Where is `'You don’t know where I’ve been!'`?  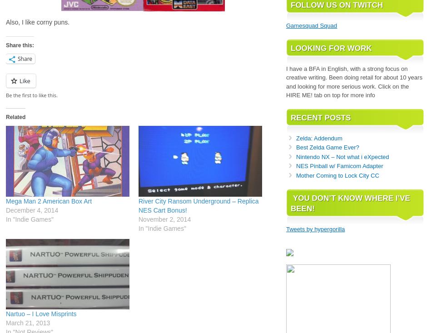 'You don’t know where I’ve been!' is located at coordinates (349, 203).